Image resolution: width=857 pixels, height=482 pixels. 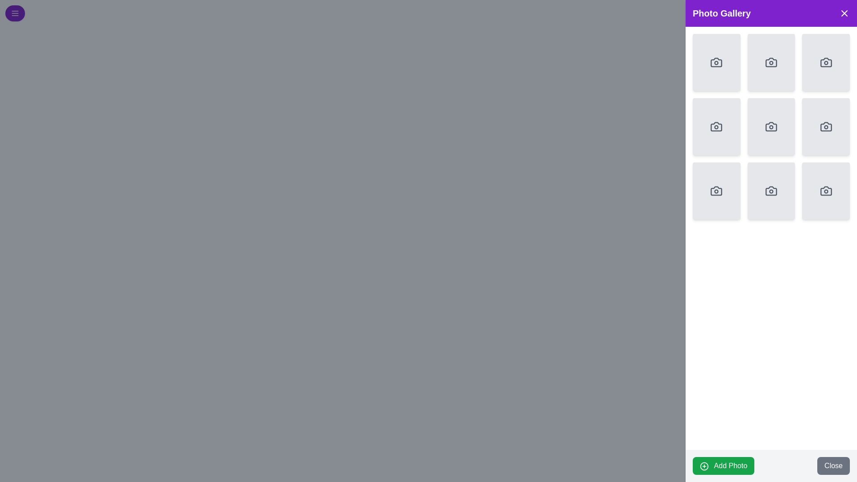 I want to click on the camera icon located in the top-left corner of the grid layout within the 'Photo Gallery' modal window, so click(x=716, y=62).